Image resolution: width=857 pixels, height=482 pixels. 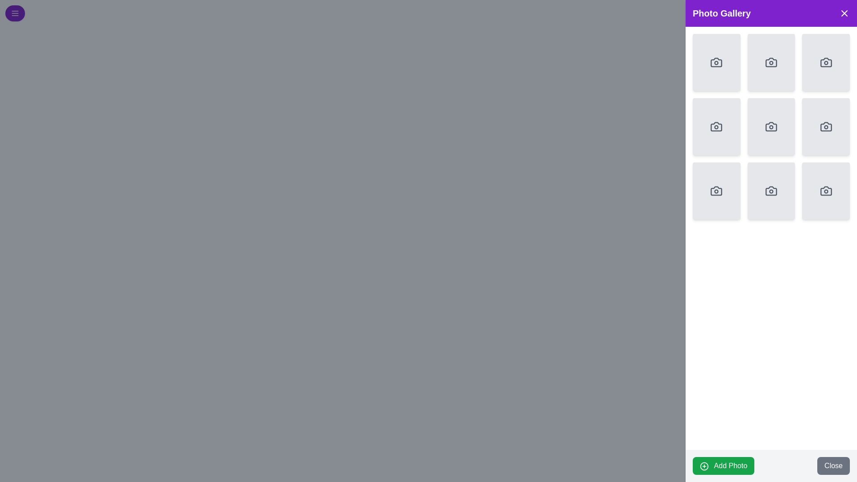 I want to click on the camera icon located in the top-left corner of the grid layout within the 'Photo Gallery' modal window, so click(x=716, y=62).